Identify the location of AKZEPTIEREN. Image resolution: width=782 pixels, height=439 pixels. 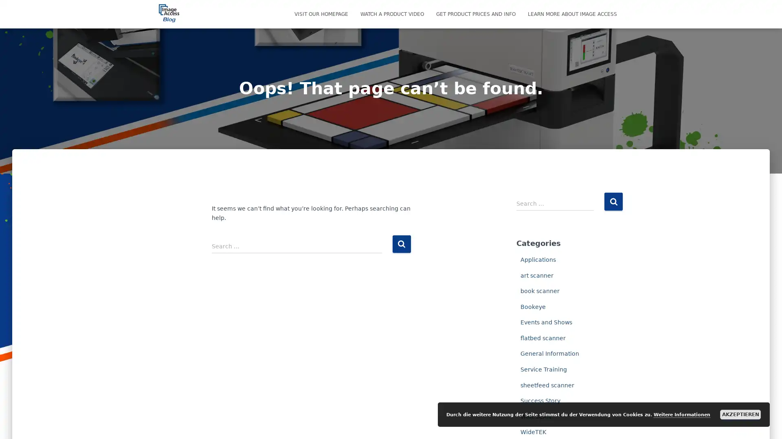
(740, 414).